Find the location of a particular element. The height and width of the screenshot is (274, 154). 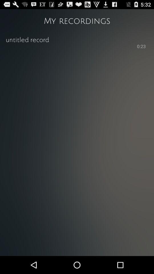

the untitled record item is located at coordinates (77, 39).